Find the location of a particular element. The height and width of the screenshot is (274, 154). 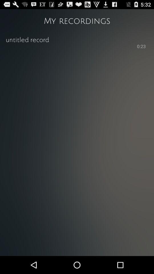

the untitled record item is located at coordinates (77, 39).